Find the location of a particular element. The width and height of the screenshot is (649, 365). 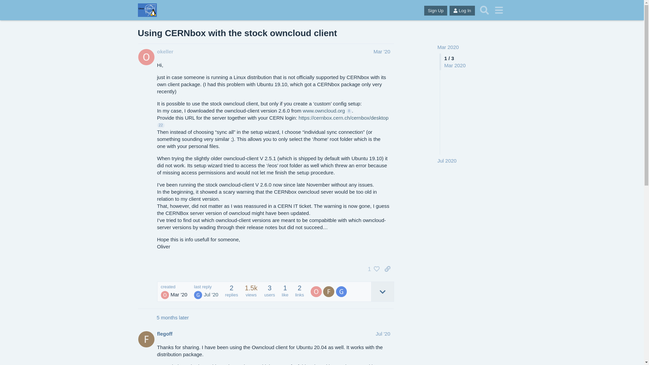

'Hugo Gonzalez Labrador' is located at coordinates (197, 294).